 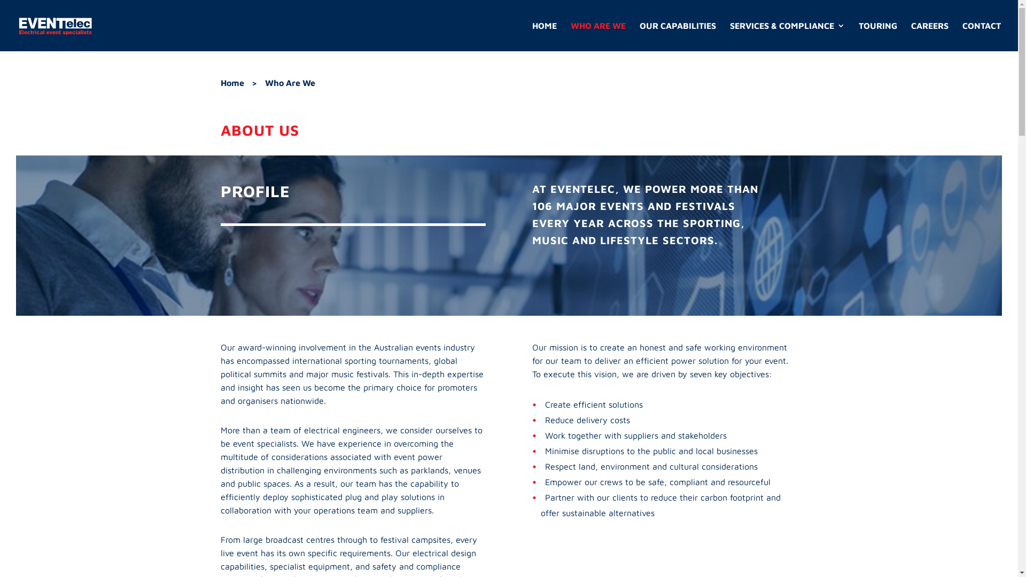 I want to click on 'TOURING', so click(x=877, y=36).